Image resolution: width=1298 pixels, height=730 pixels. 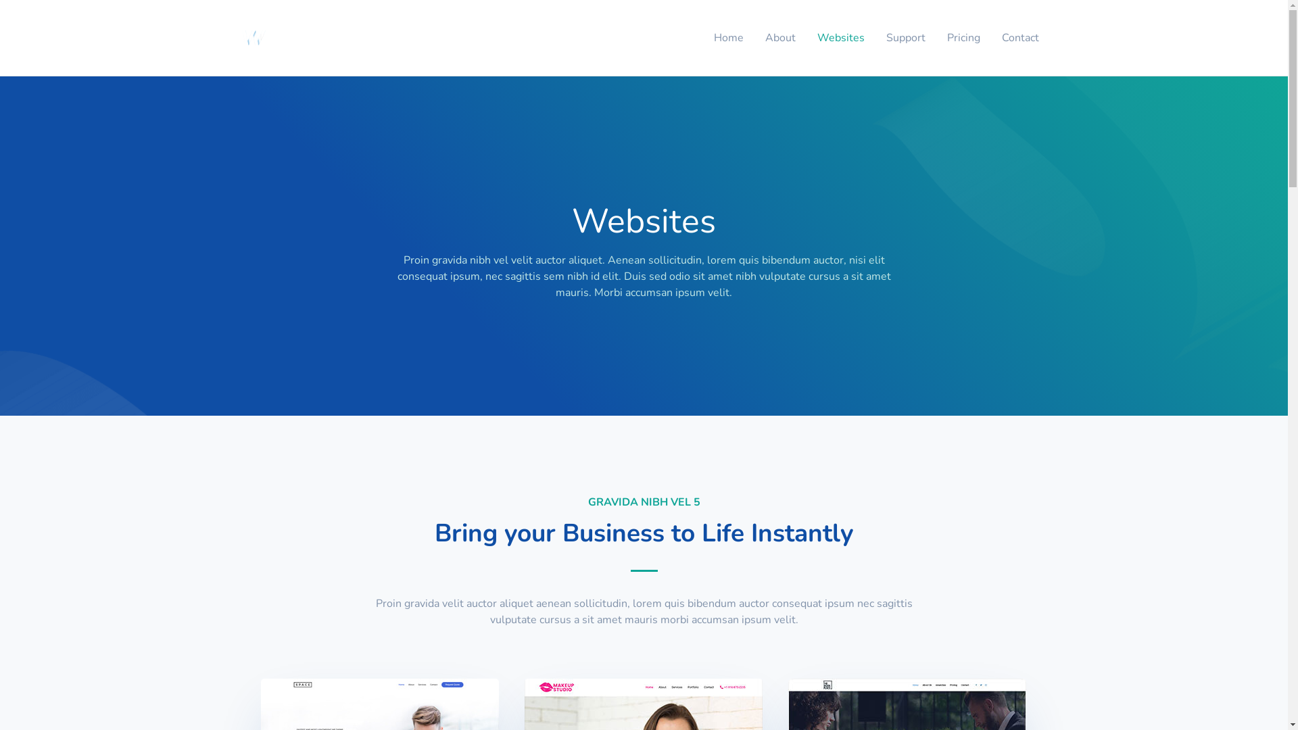 What do you see at coordinates (1020, 37) in the screenshot?
I see `'Contact'` at bounding box center [1020, 37].